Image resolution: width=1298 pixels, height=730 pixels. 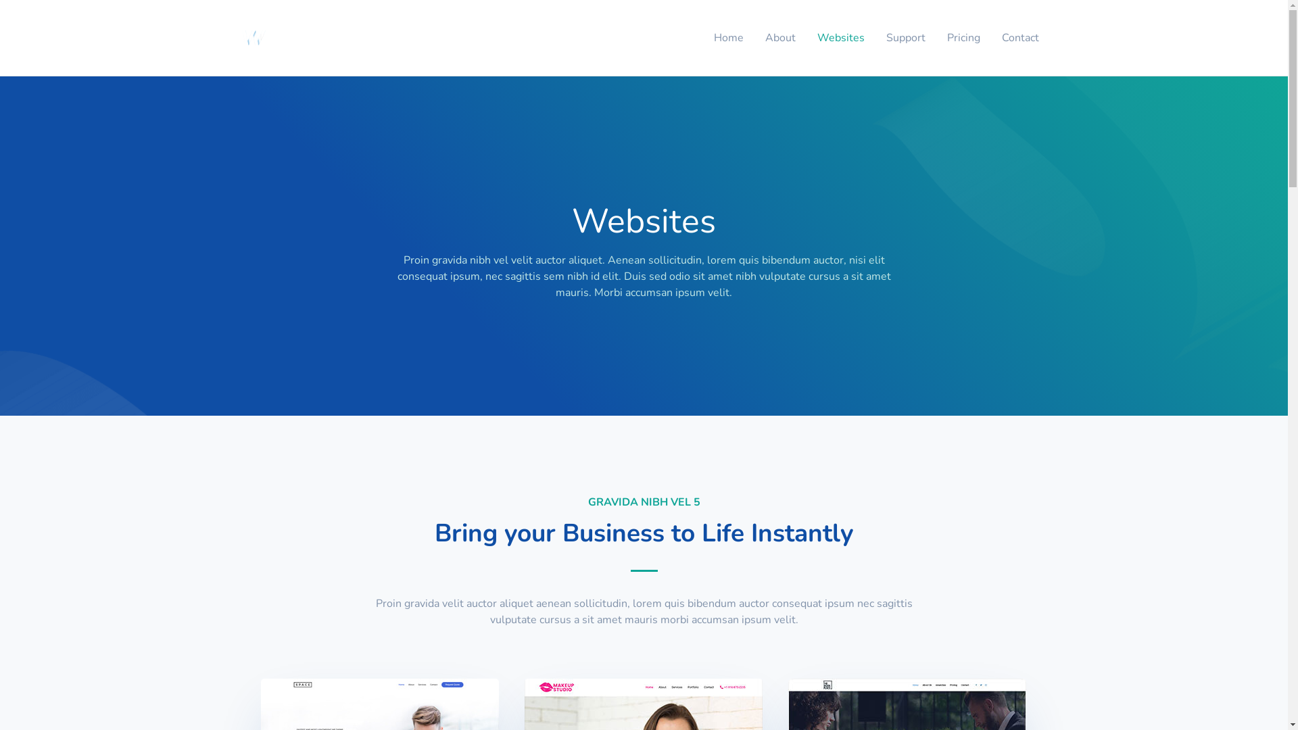 What do you see at coordinates (1020, 37) in the screenshot?
I see `'Contact'` at bounding box center [1020, 37].